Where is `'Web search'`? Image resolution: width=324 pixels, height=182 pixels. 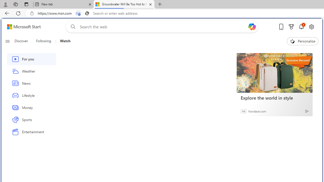
'Web search' is located at coordinates (72, 27).